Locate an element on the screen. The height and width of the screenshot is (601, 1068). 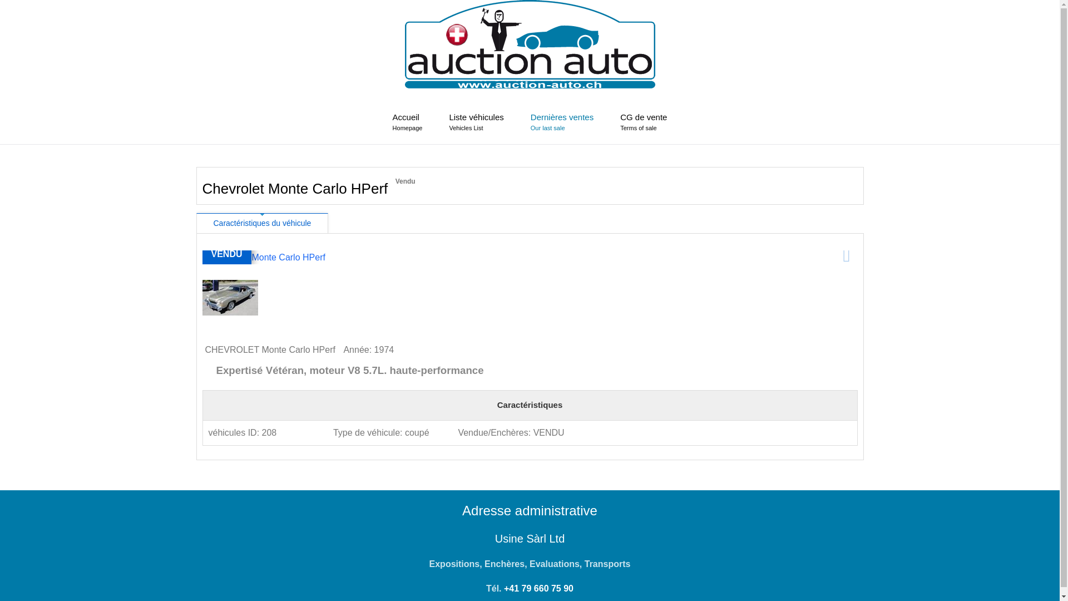
'Accueil is located at coordinates (407, 122).